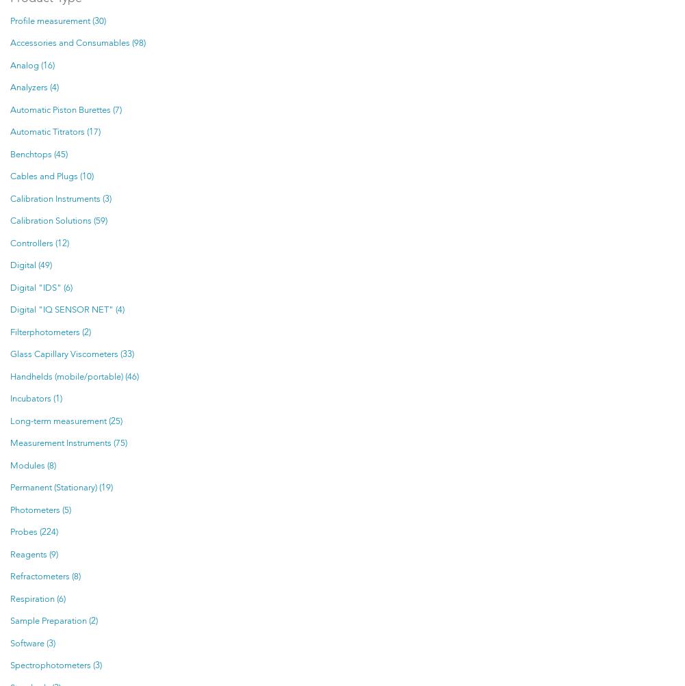  Describe the element at coordinates (71, 354) in the screenshot. I see `'Glass Capillary Viscometers (33)'` at that location.